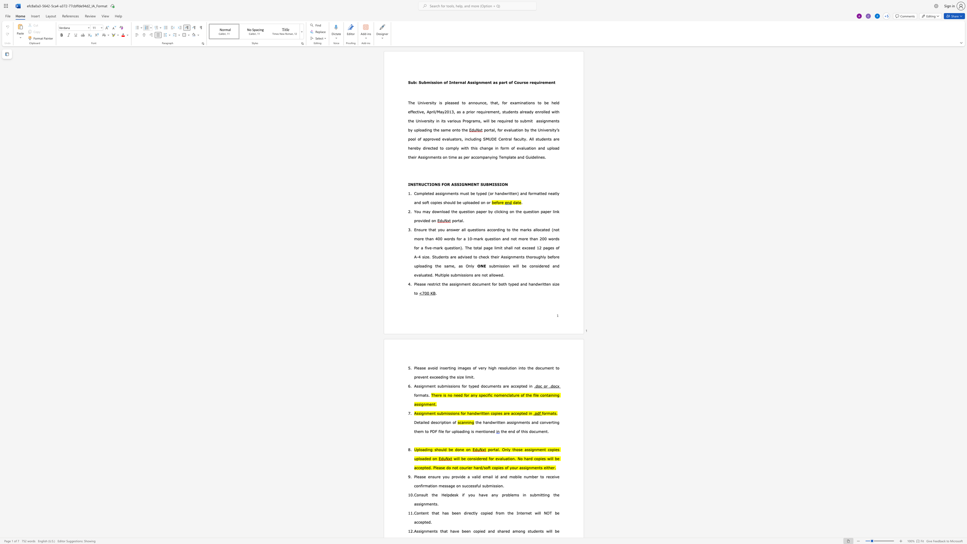  I want to click on the 1th character "g" in the text, so click(422, 504).